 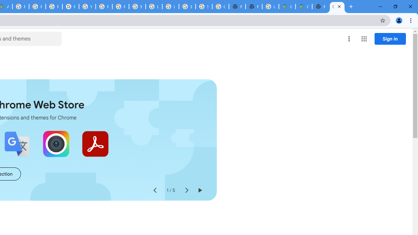 What do you see at coordinates (54, 7) in the screenshot?
I see `'Privacy Help Center - Policies Help'` at bounding box center [54, 7].